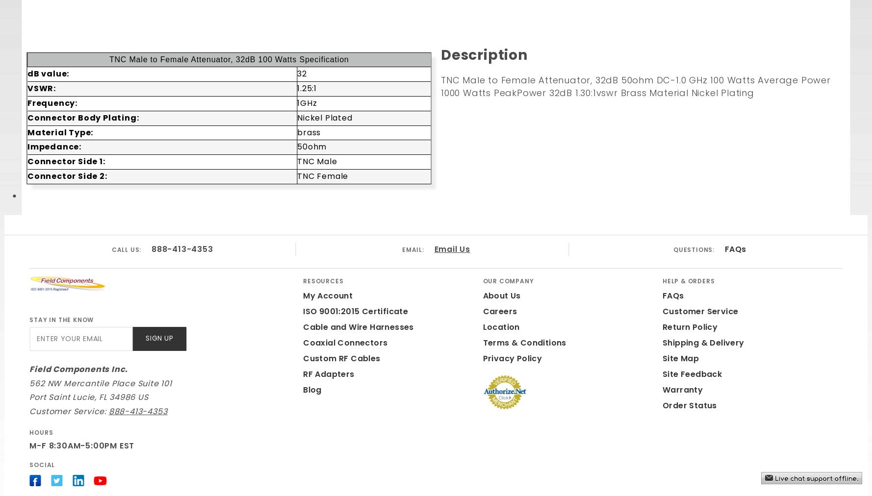 The height and width of the screenshot is (496, 872). What do you see at coordinates (328, 373) in the screenshot?
I see `'RF Adapters'` at bounding box center [328, 373].